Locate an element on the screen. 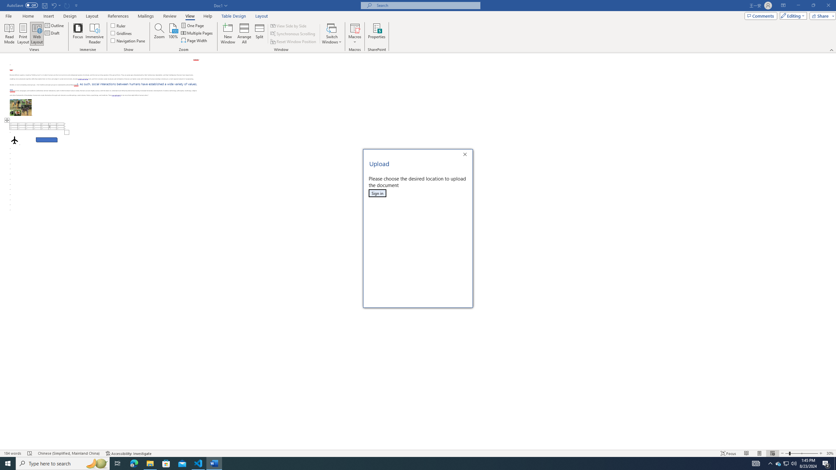 Image resolution: width=836 pixels, height=470 pixels. 'Undo Row Height Spinner' is located at coordinates (56, 5).